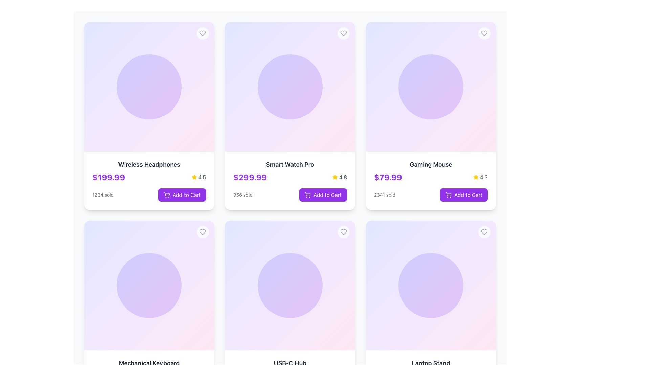 Image resolution: width=650 pixels, height=365 pixels. I want to click on the heart-shaped icon with a gray outline located at the top-right corner of the 'USB-C Hub' product card to trigger the tooltip, so click(343, 232).